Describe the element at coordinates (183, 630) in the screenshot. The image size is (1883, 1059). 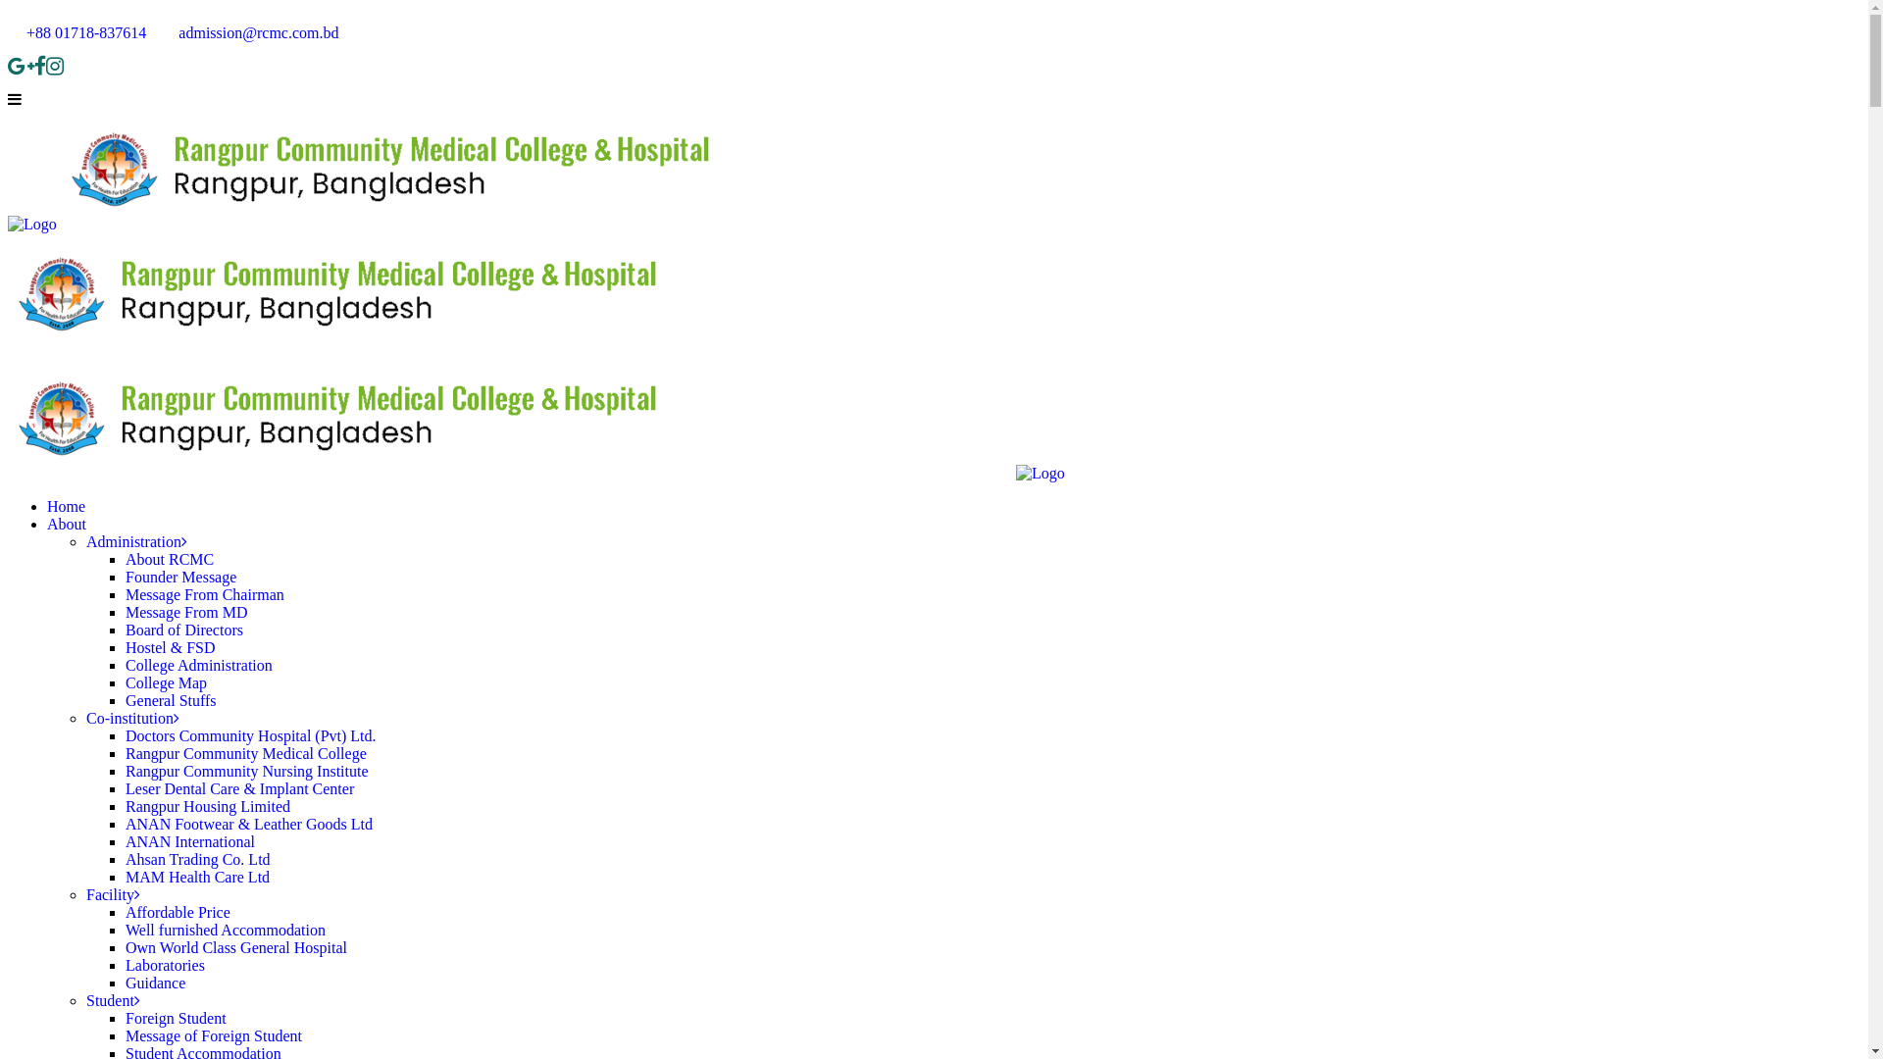
I see `'Board of Directors'` at that location.